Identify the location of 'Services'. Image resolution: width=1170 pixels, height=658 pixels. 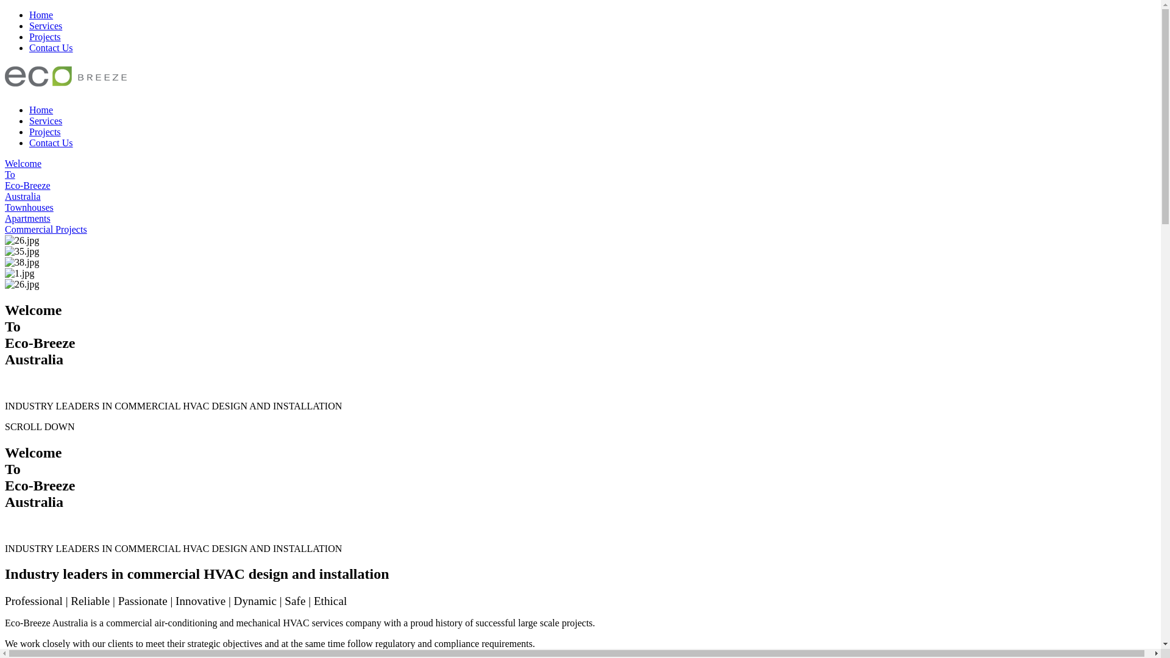
(29, 121).